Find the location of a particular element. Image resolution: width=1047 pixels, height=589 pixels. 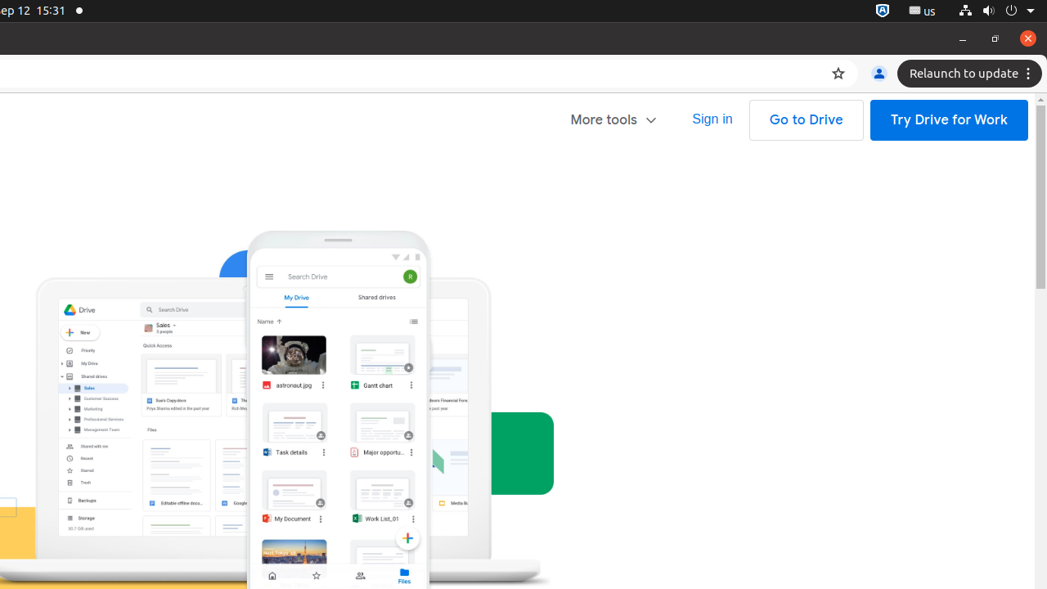

'Go to Drive' is located at coordinates (806, 119).